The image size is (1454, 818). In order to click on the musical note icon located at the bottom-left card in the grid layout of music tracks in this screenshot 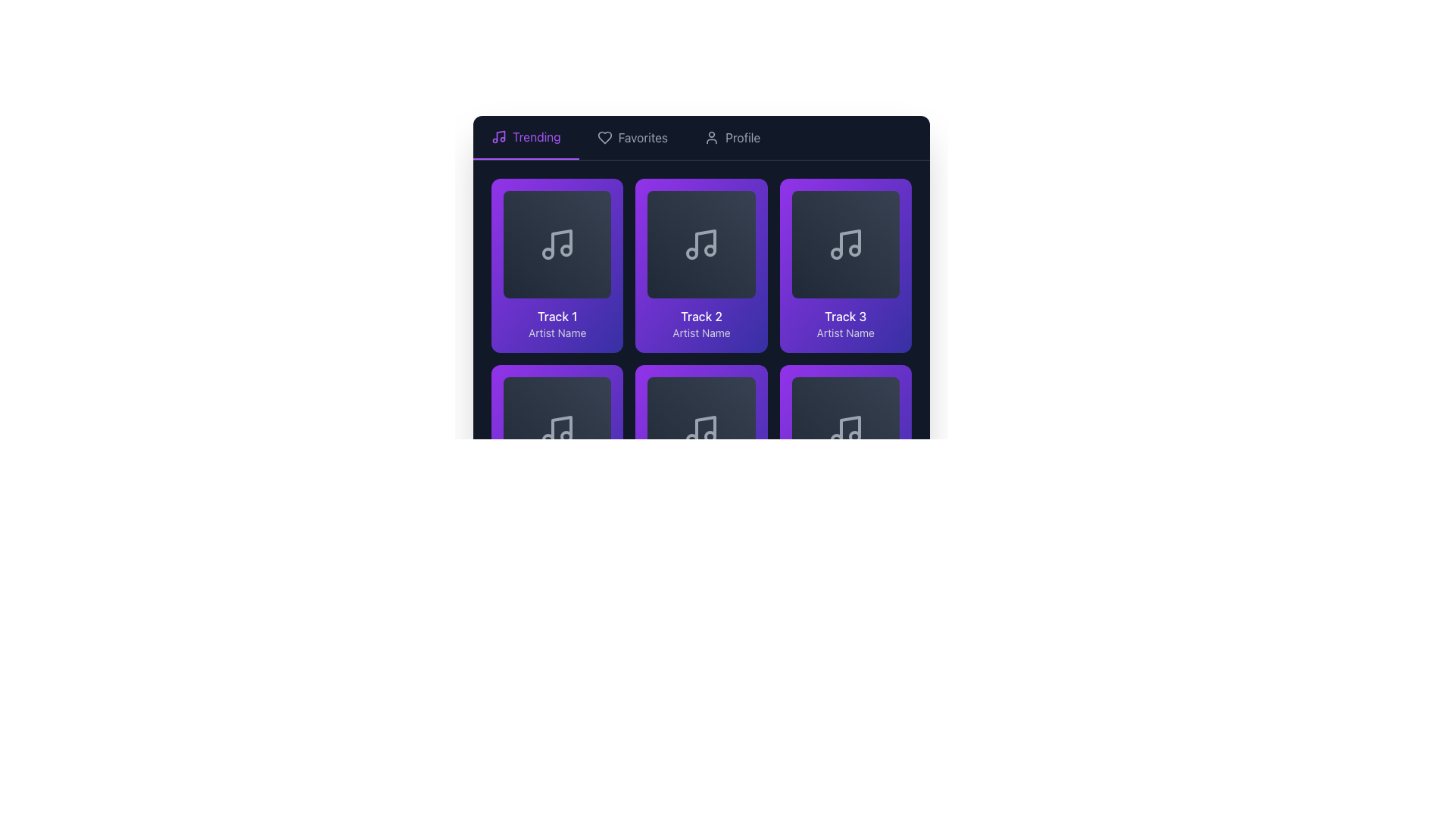, I will do `click(561, 429)`.